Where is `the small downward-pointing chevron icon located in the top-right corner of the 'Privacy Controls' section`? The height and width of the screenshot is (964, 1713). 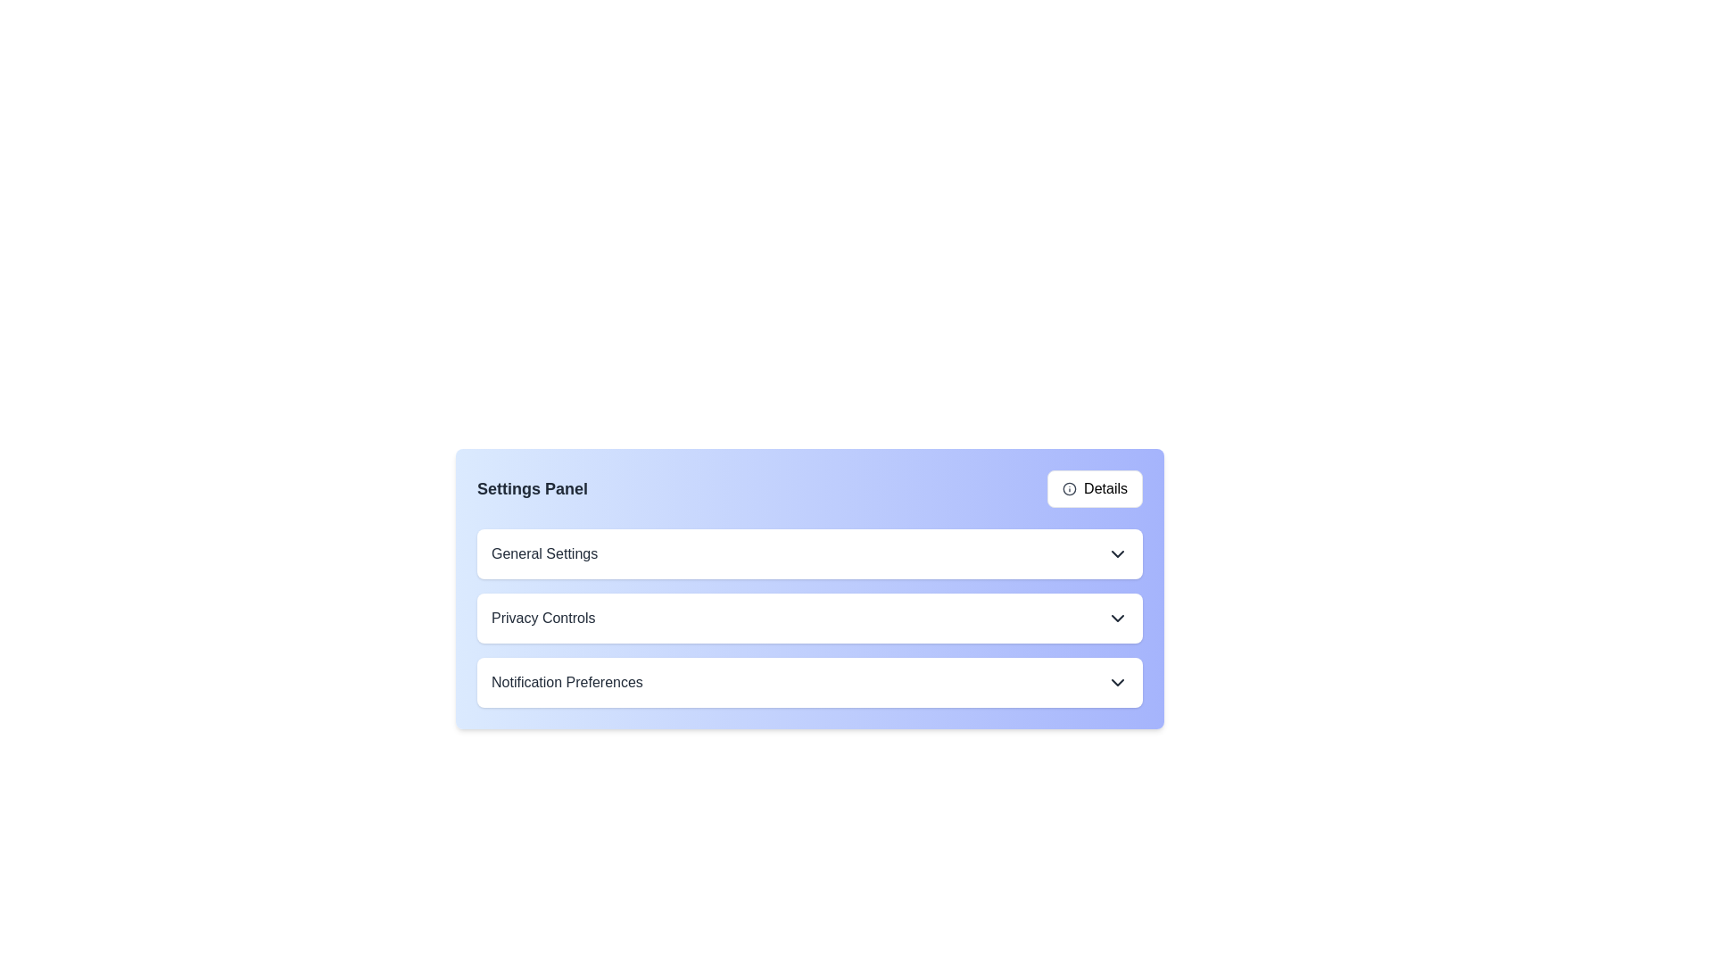 the small downward-pointing chevron icon located in the top-right corner of the 'Privacy Controls' section is located at coordinates (1116, 618).